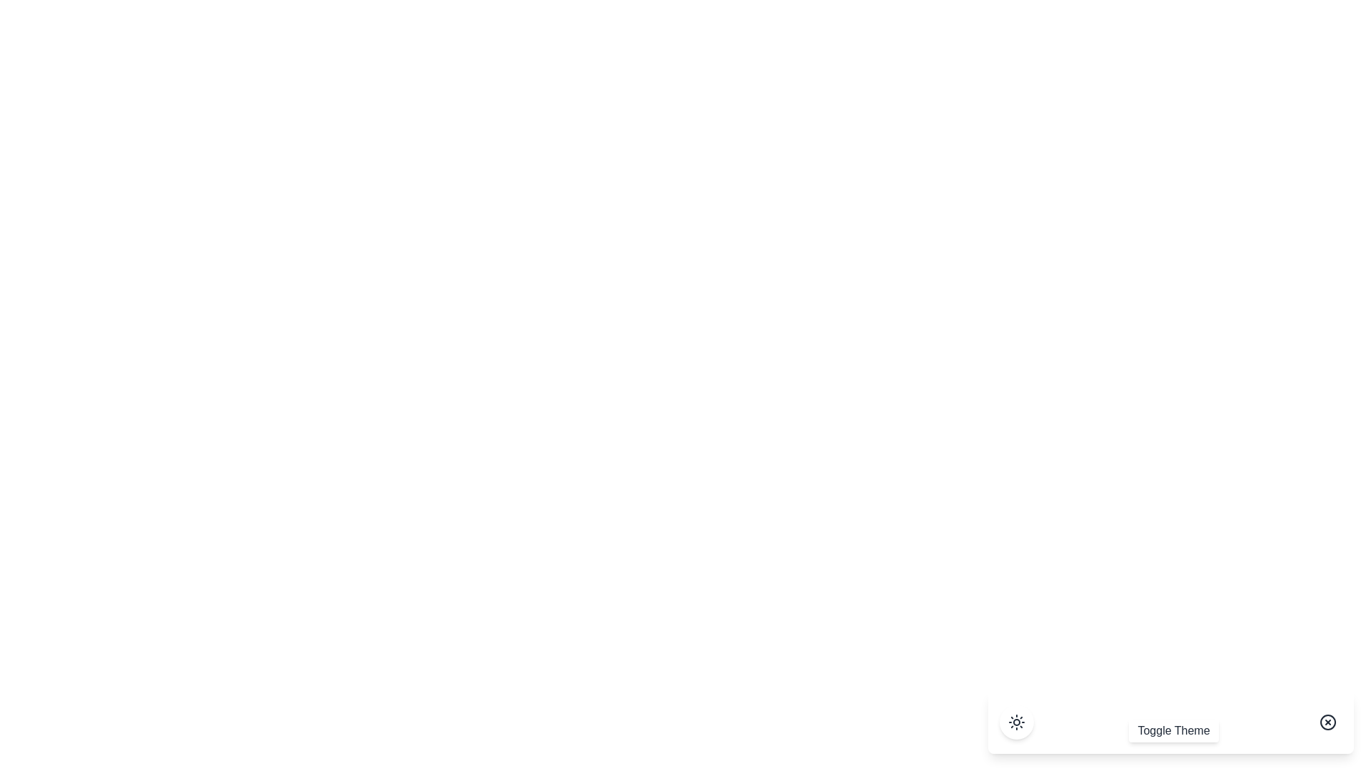  I want to click on the close button of the snackbar to close it, so click(1327, 722).